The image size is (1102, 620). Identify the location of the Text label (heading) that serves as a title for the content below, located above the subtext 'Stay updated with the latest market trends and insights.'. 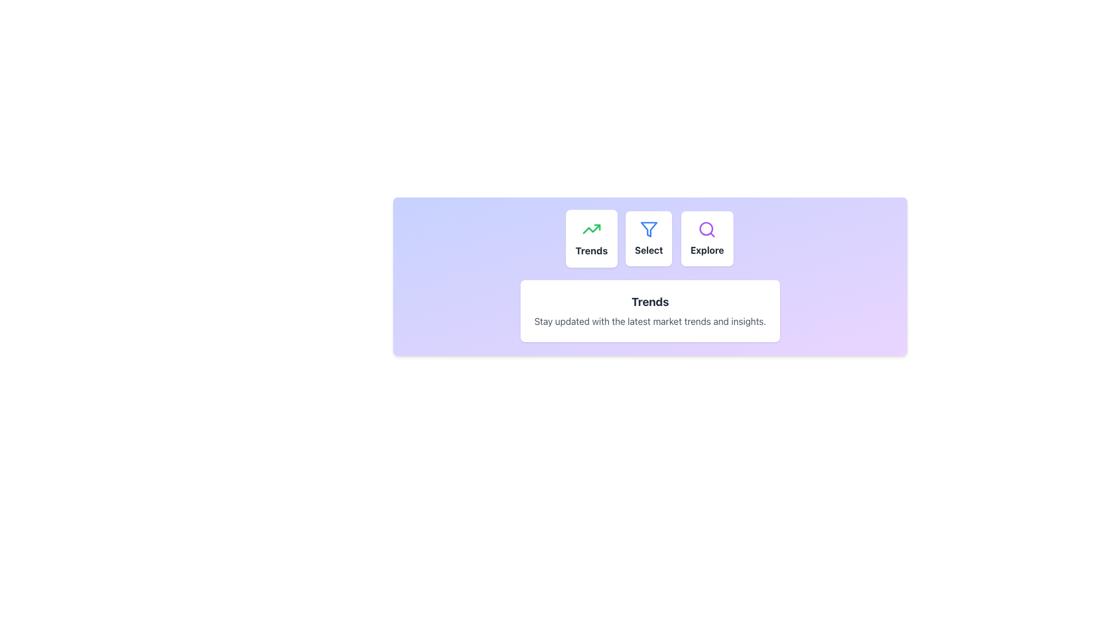
(650, 301).